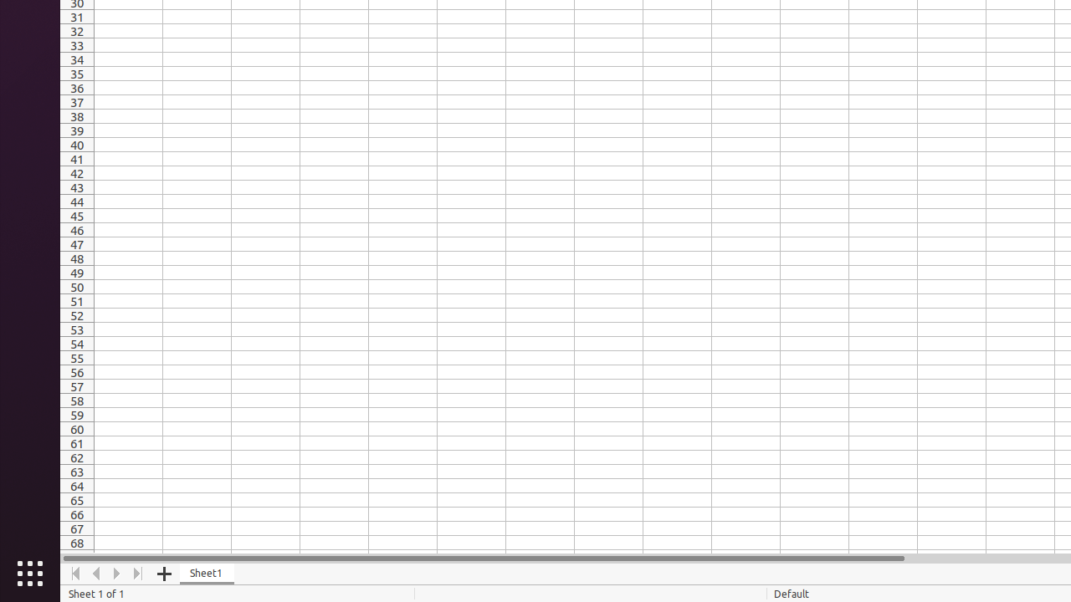  What do you see at coordinates (29, 573) in the screenshot?
I see `'Show Applications'` at bounding box center [29, 573].